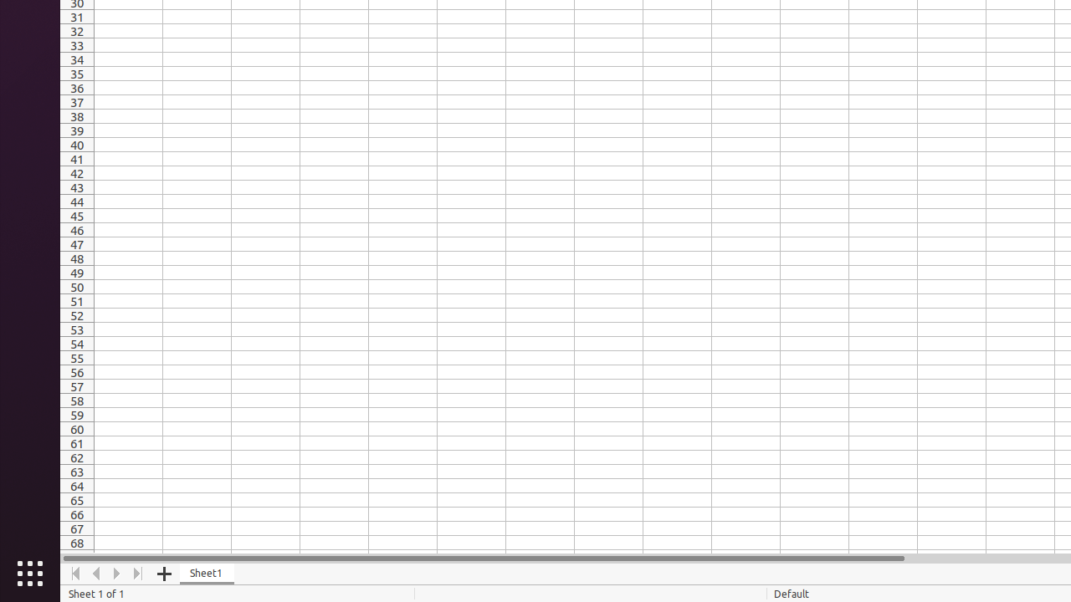  What do you see at coordinates (29, 573) in the screenshot?
I see `'Show Applications'` at bounding box center [29, 573].